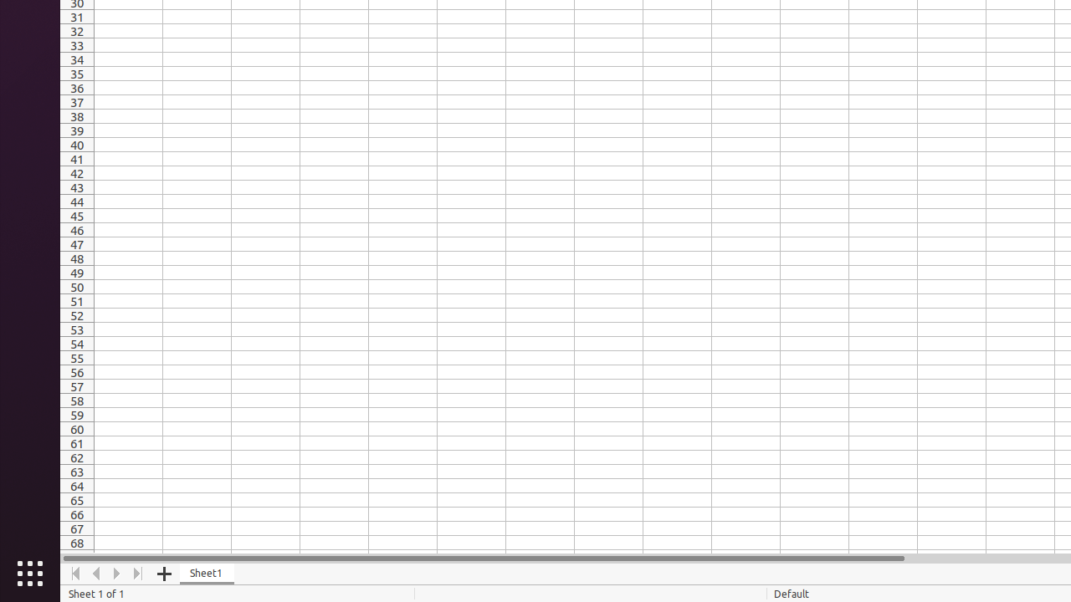  What do you see at coordinates (29, 573) in the screenshot?
I see `'Show Applications'` at bounding box center [29, 573].